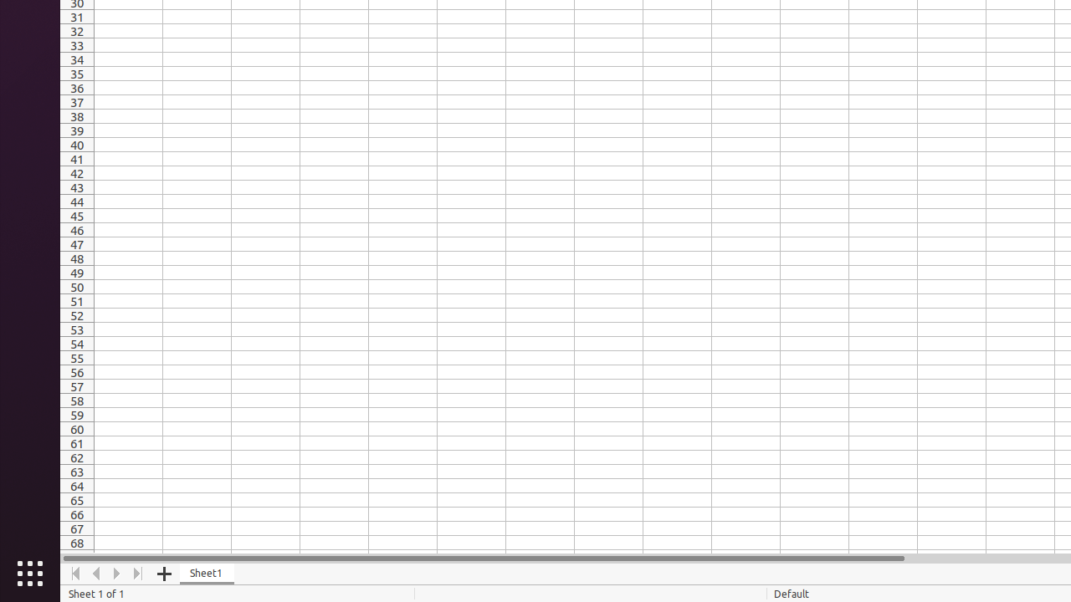  What do you see at coordinates (29, 573) in the screenshot?
I see `'Show Applications'` at bounding box center [29, 573].